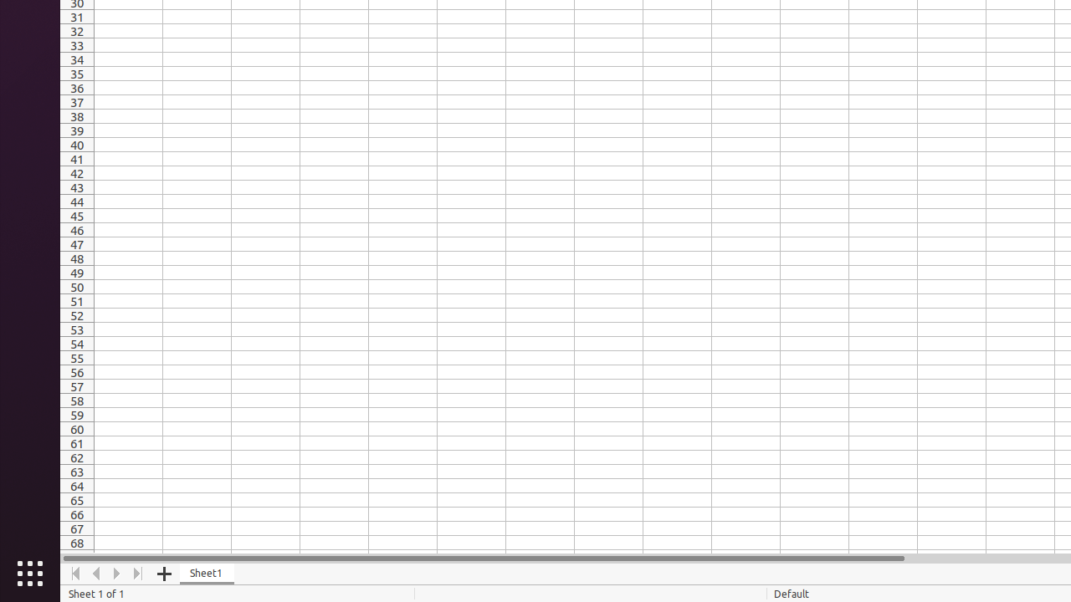  What do you see at coordinates (29, 573) in the screenshot?
I see `'Show Applications'` at bounding box center [29, 573].